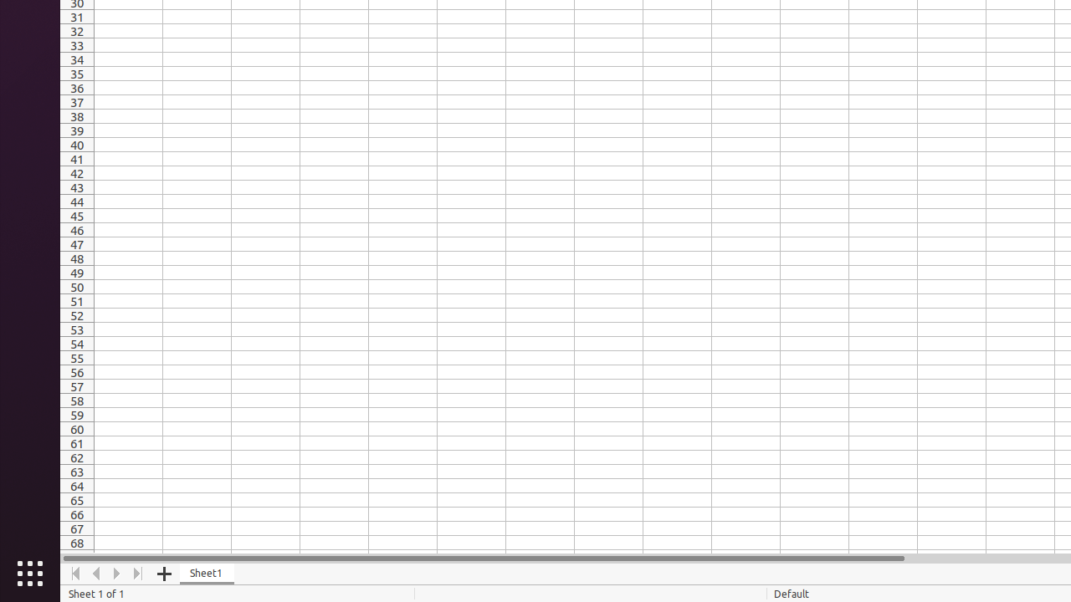  What do you see at coordinates (29, 573) in the screenshot?
I see `'Show Applications'` at bounding box center [29, 573].